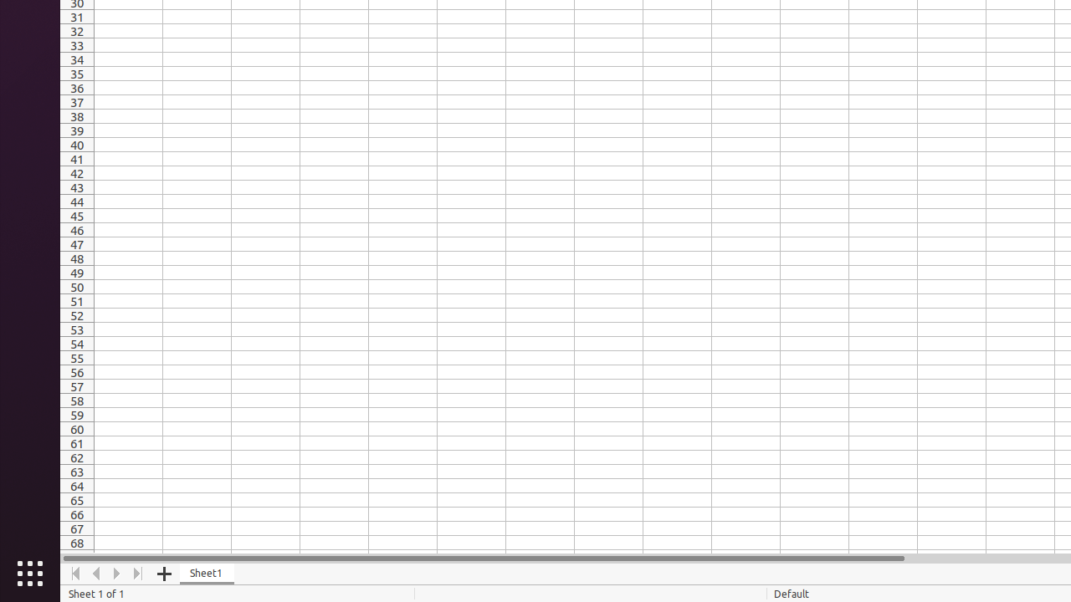  What do you see at coordinates (29, 573) in the screenshot?
I see `'Show Applications'` at bounding box center [29, 573].